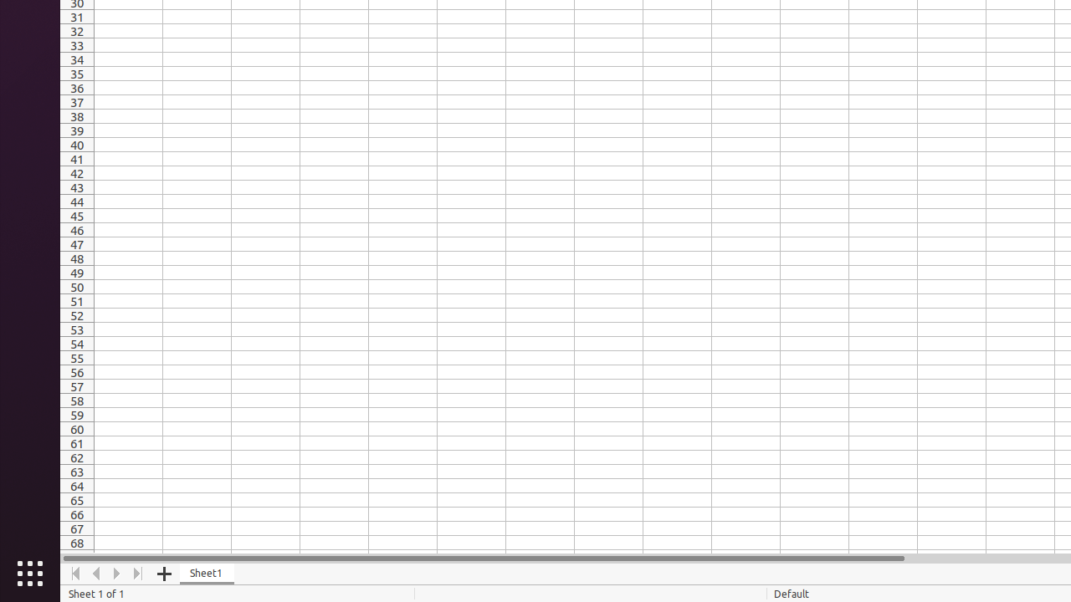  What do you see at coordinates (29, 573) in the screenshot?
I see `'Show Applications'` at bounding box center [29, 573].